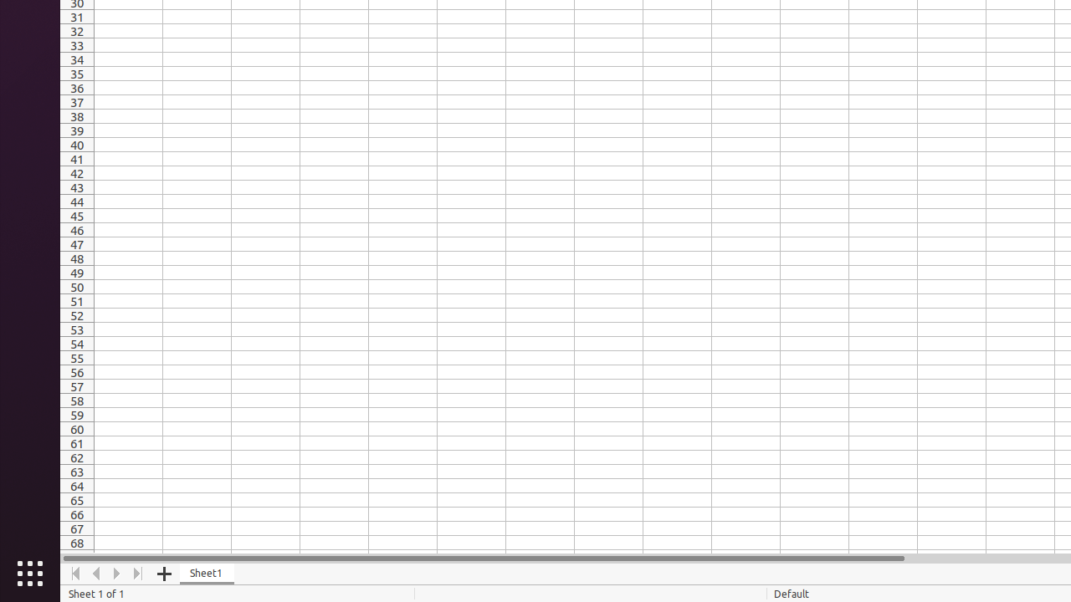  What do you see at coordinates (29, 573) in the screenshot?
I see `'Show Applications'` at bounding box center [29, 573].